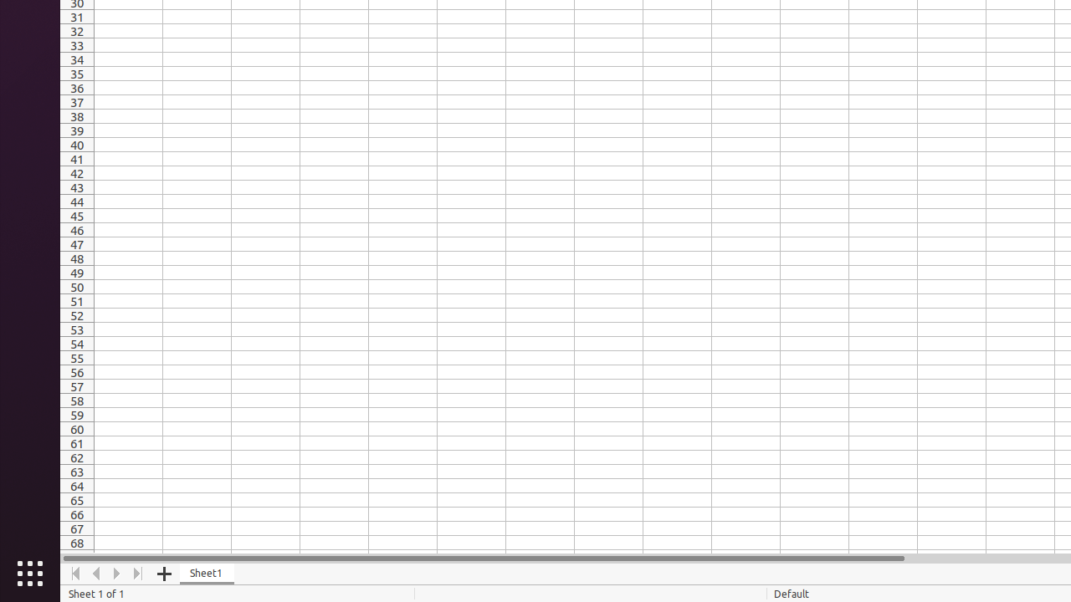  What do you see at coordinates (29, 573) in the screenshot?
I see `'Show Applications'` at bounding box center [29, 573].